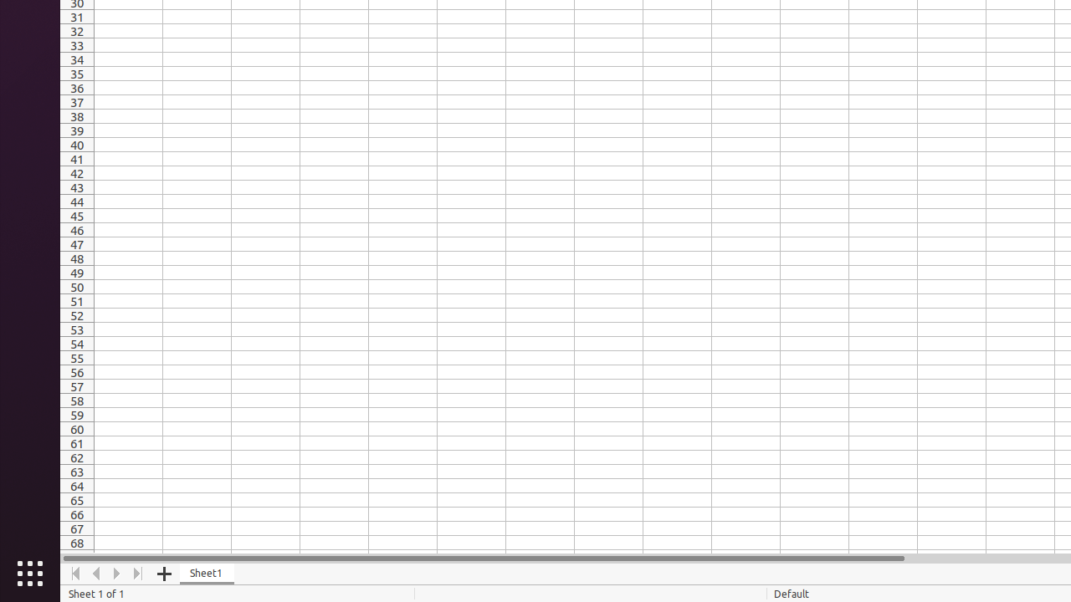  What do you see at coordinates (29, 573) in the screenshot?
I see `'Show Applications'` at bounding box center [29, 573].